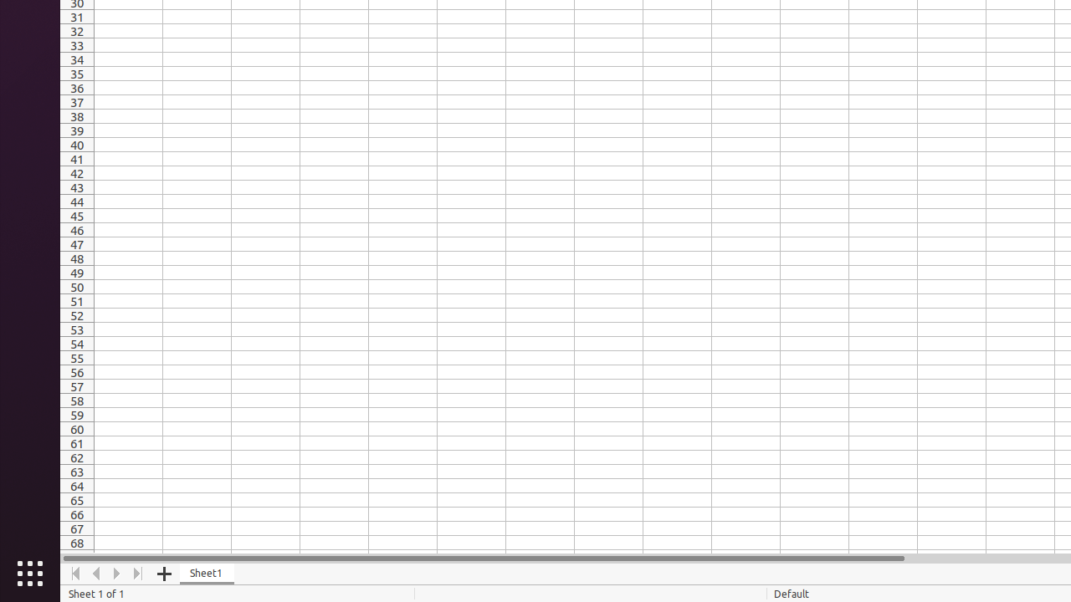  What do you see at coordinates (29, 573) in the screenshot?
I see `'Show Applications'` at bounding box center [29, 573].